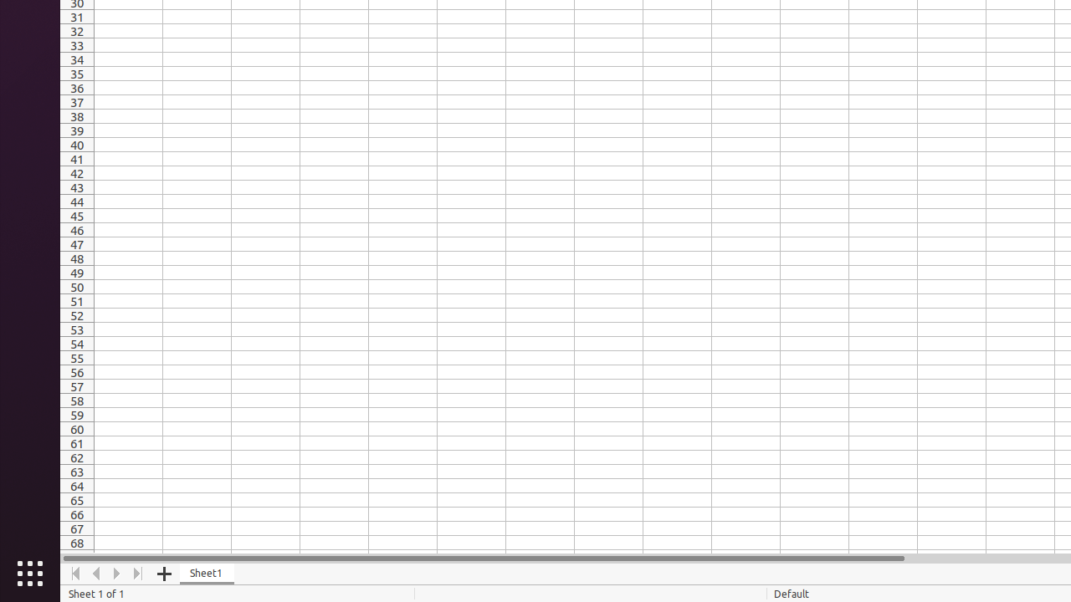  What do you see at coordinates (29, 573) in the screenshot?
I see `'Show Applications'` at bounding box center [29, 573].